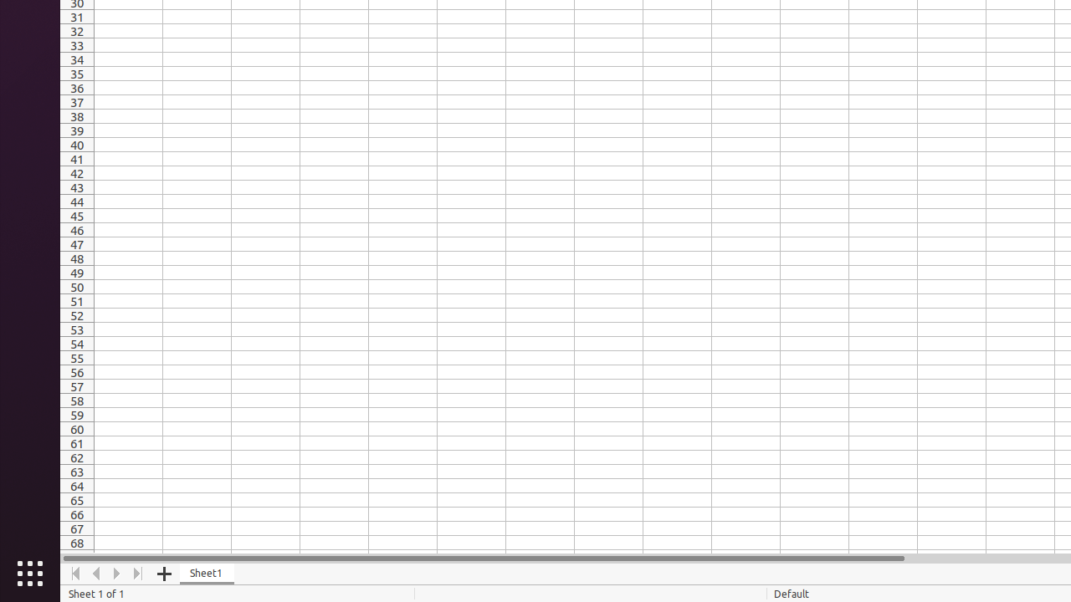  What do you see at coordinates (29, 573) in the screenshot?
I see `'Show Applications'` at bounding box center [29, 573].